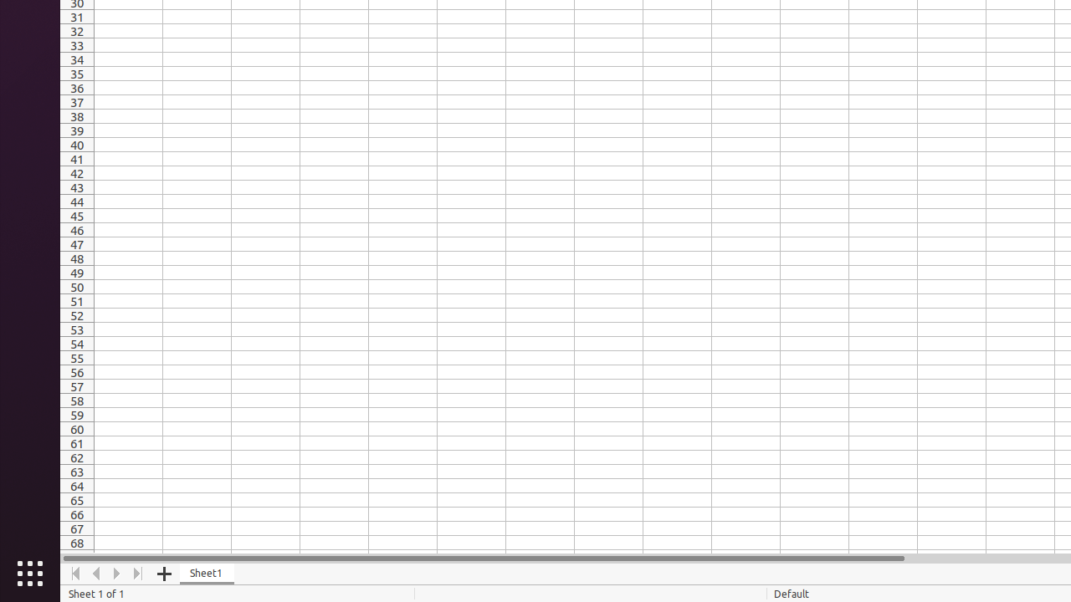  What do you see at coordinates (29, 573) in the screenshot?
I see `'Show Applications'` at bounding box center [29, 573].